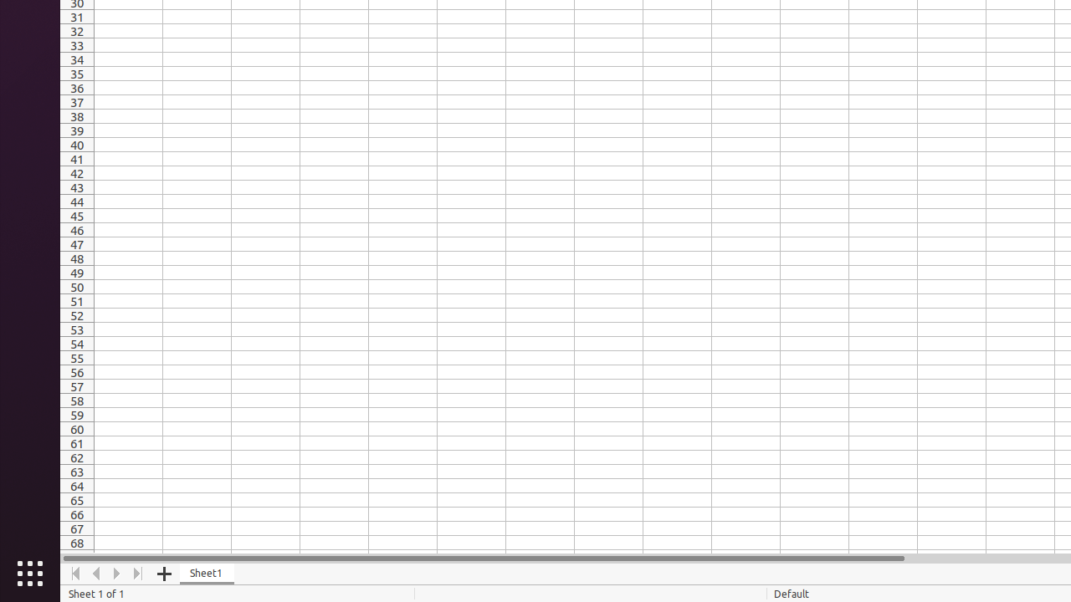  What do you see at coordinates (29, 573) in the screenshot?
I see `'Show Applications'` at bounding box center [29, 573].